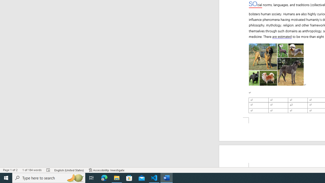  I want to click on 'Morphological variation in six dogs', so click(276, 64).